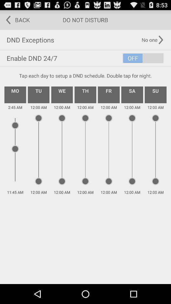  What do you see at coordinates (85, 94) in the screenshot?
I see `the icon below the tap each day icon` at bounding box center [85, 94].